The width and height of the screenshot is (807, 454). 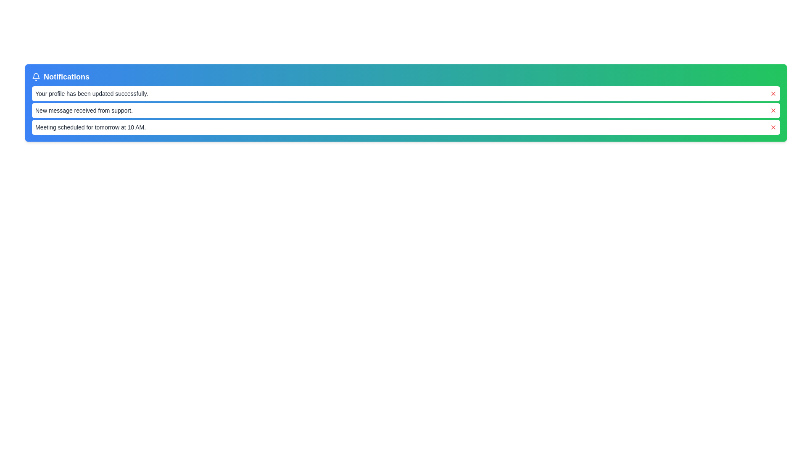 I want to click on the bell icon located, so click(x=36, y=76).